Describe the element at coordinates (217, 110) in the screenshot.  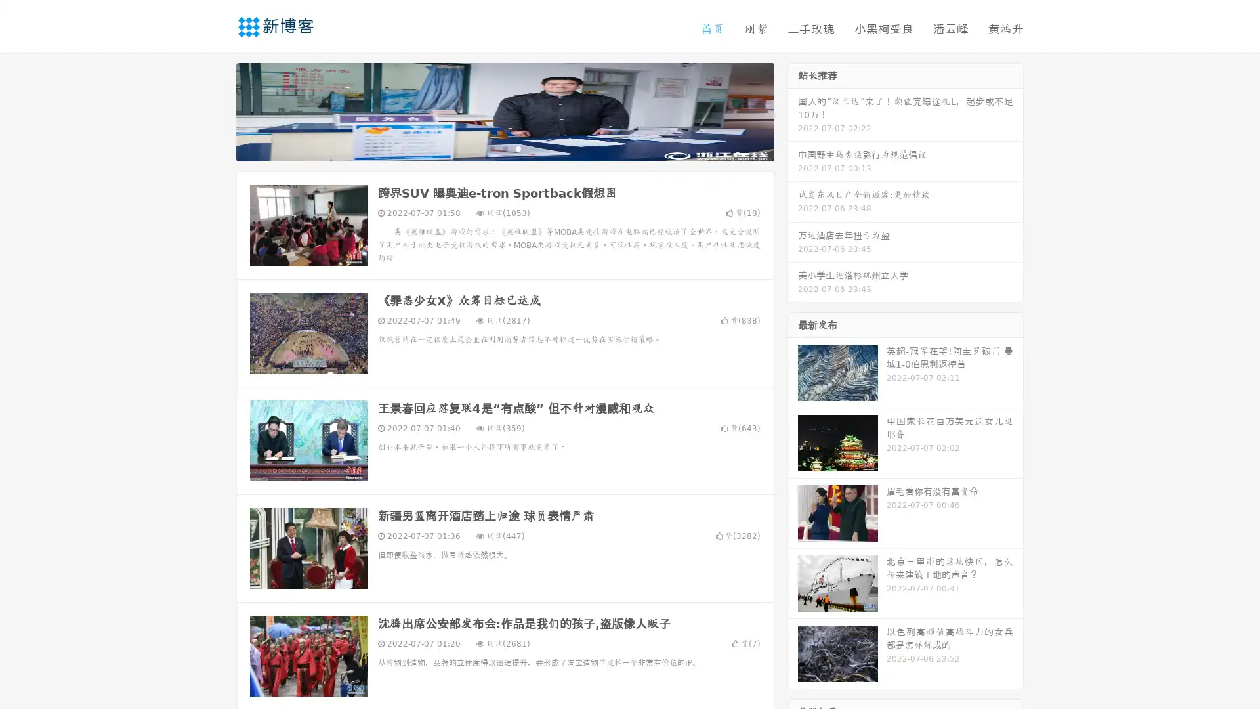
I see `Previous slide` at that location.